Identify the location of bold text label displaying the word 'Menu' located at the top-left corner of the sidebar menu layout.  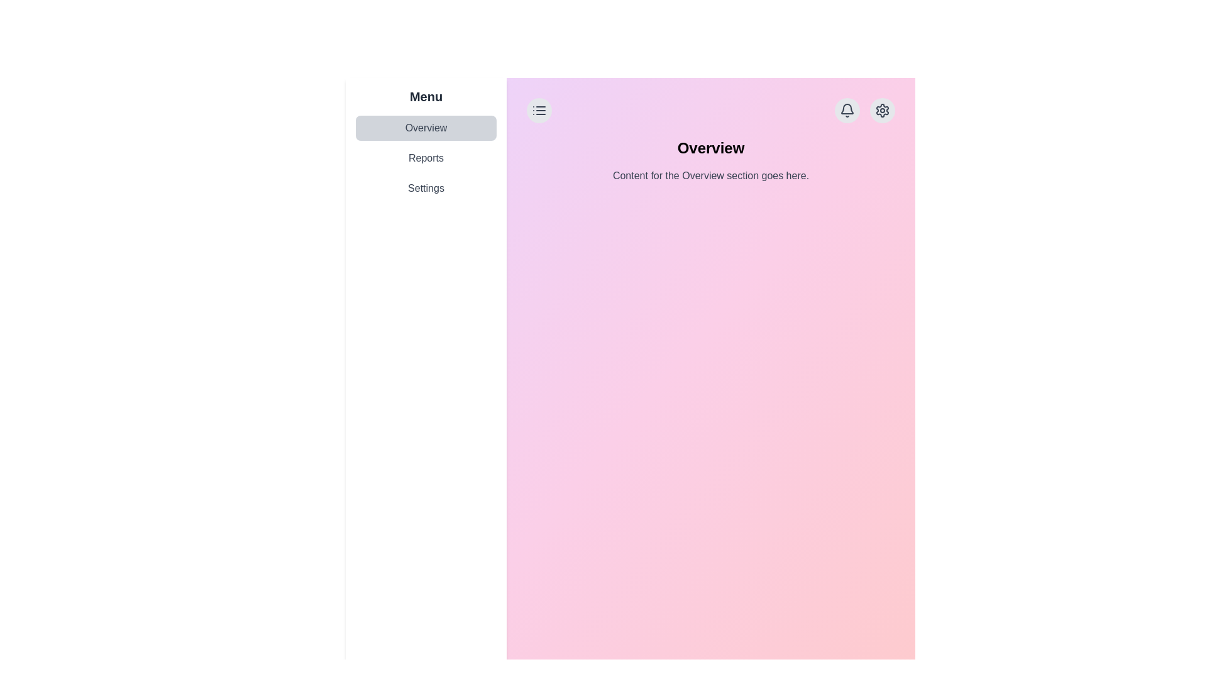
(426, 96).